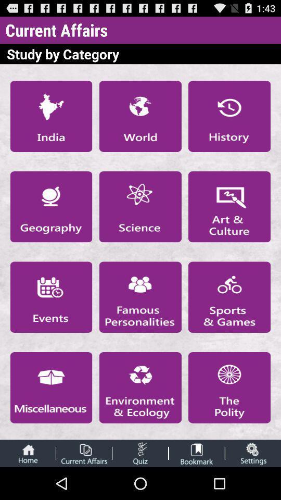  What do you see at coordinates (197, 453) in the screenshot?
I see `bookmarks tab` at bounding box center [197, 453].